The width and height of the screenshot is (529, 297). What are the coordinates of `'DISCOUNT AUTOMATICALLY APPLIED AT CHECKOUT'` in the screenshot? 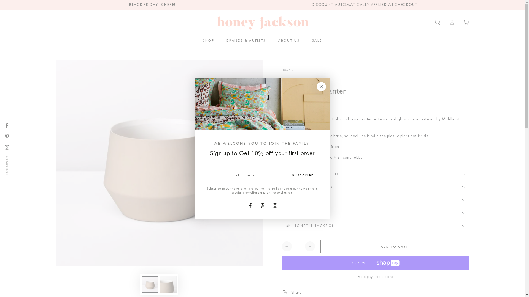 It's located at (365, 5).